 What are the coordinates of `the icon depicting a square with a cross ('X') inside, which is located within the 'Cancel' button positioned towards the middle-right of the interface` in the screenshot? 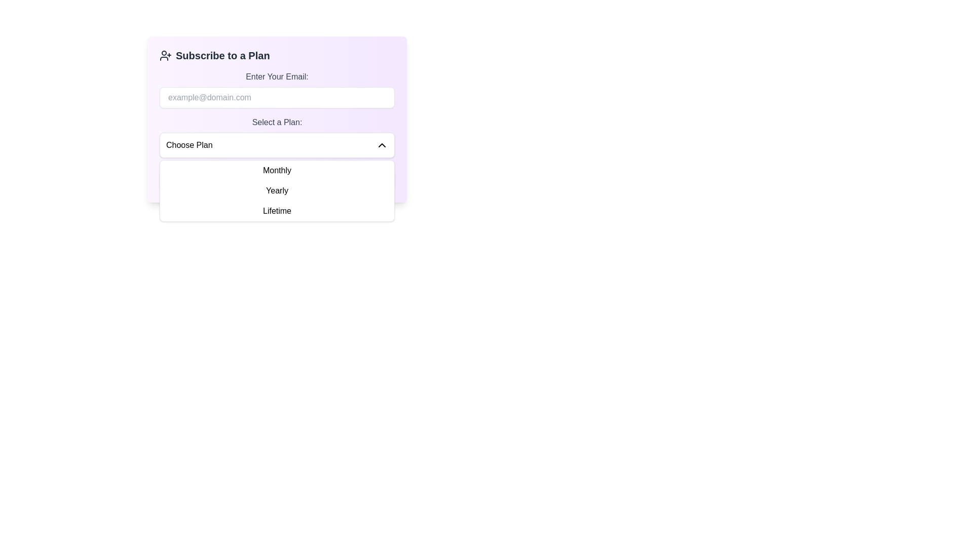 It's located at (352, 179).